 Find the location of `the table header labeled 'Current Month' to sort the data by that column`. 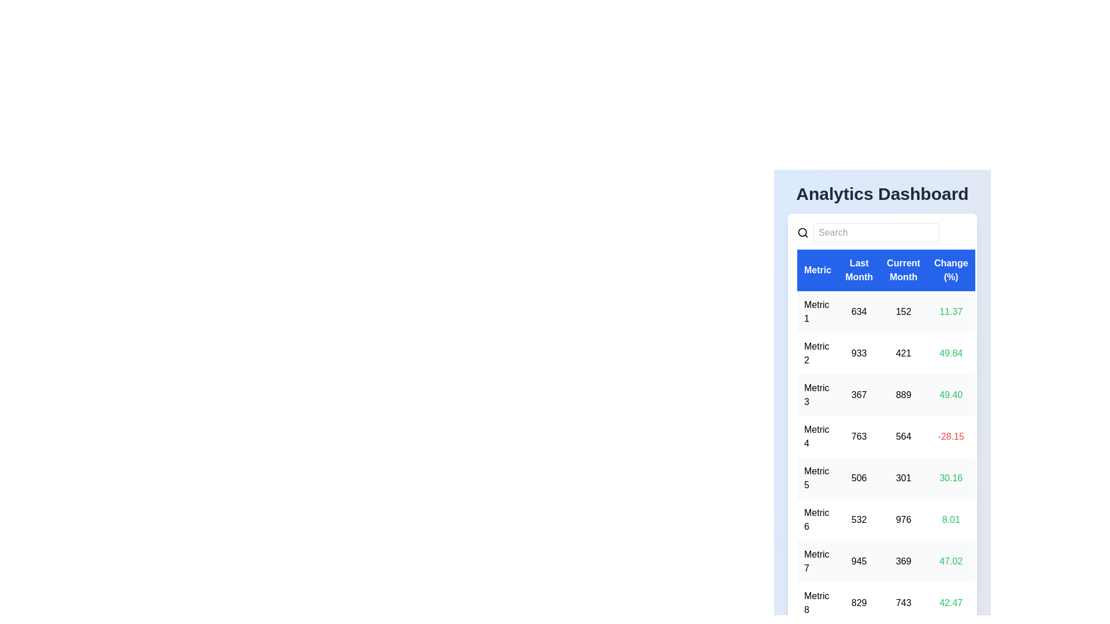

the table header labeled 'Current Month' to sort the data by that column is located at coordinates (903, 270).